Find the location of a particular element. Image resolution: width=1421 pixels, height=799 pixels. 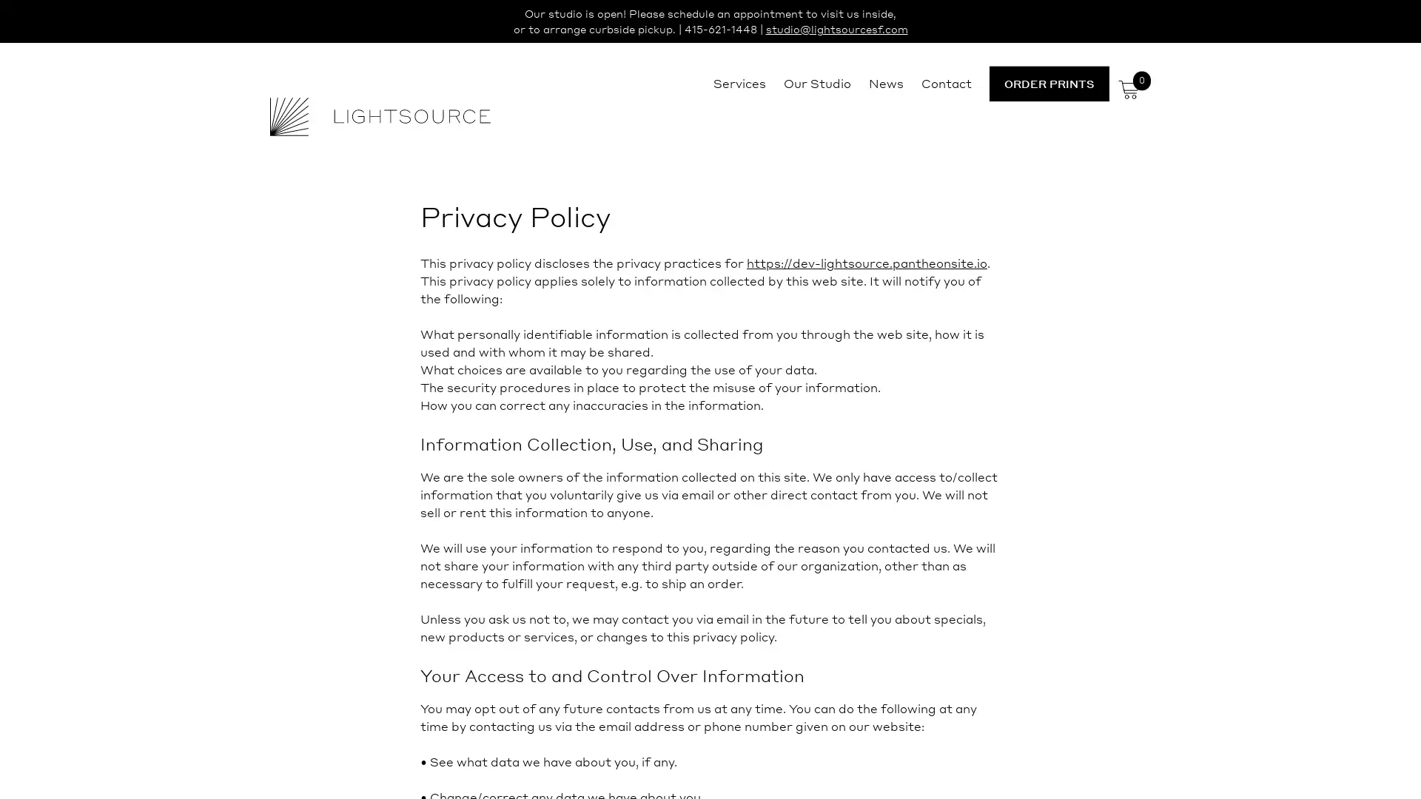

Sign up is located at coordinates (849, 515).